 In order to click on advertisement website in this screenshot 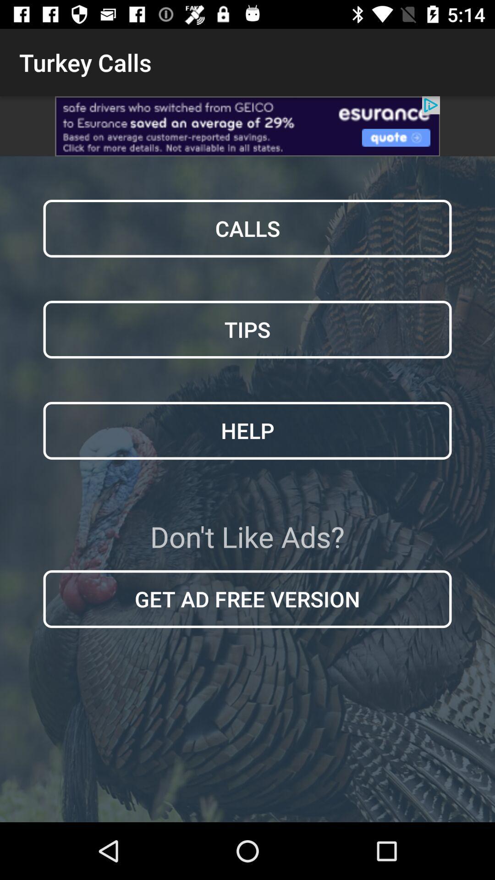, I will do `click(247, 126)`.